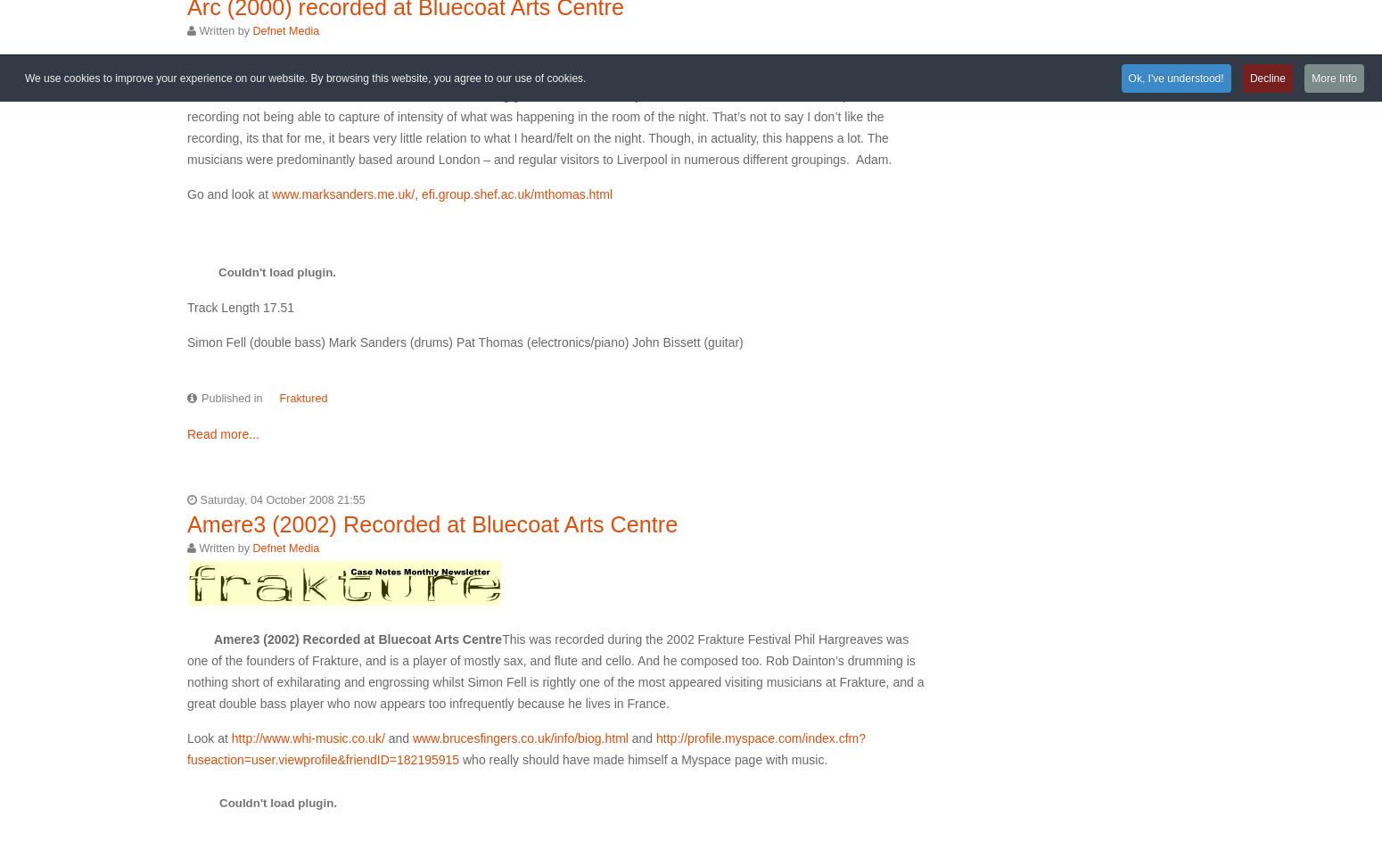 This screenshot has width=1382, height=841. Describe the element at coordinates (279, 499) in the screenshot. I see `'Saturday, 04 October 2008 21:55'` at that location.